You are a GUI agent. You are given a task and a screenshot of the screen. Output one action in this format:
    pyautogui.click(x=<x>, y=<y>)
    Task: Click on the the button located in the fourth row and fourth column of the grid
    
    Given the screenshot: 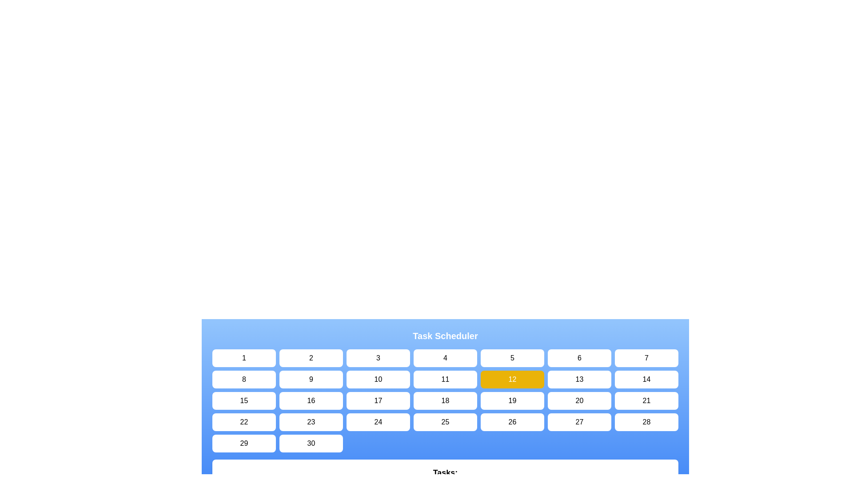 What is the action you would take?
    pyautogui.click(x=311, y=421)
    